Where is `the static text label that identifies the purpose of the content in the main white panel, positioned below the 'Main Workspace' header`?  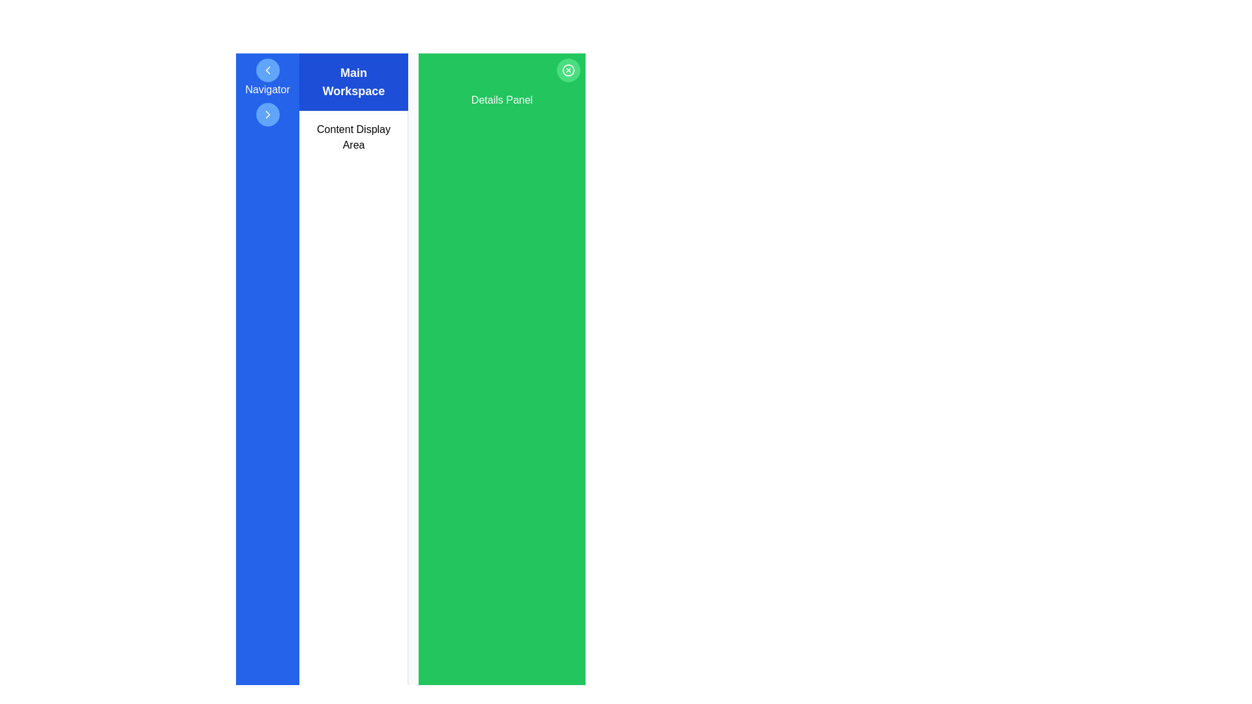
the static text label that identifies the purpose of the content in the main white panel, positioned below the 'Main Workspace' header is located at coordinates (353, 138).